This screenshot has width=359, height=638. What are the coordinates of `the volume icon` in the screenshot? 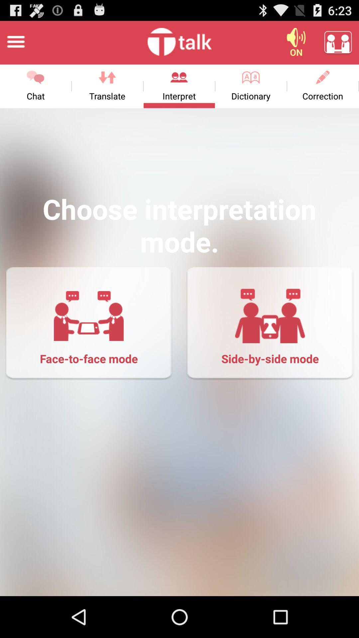 It's located at (296, 44).